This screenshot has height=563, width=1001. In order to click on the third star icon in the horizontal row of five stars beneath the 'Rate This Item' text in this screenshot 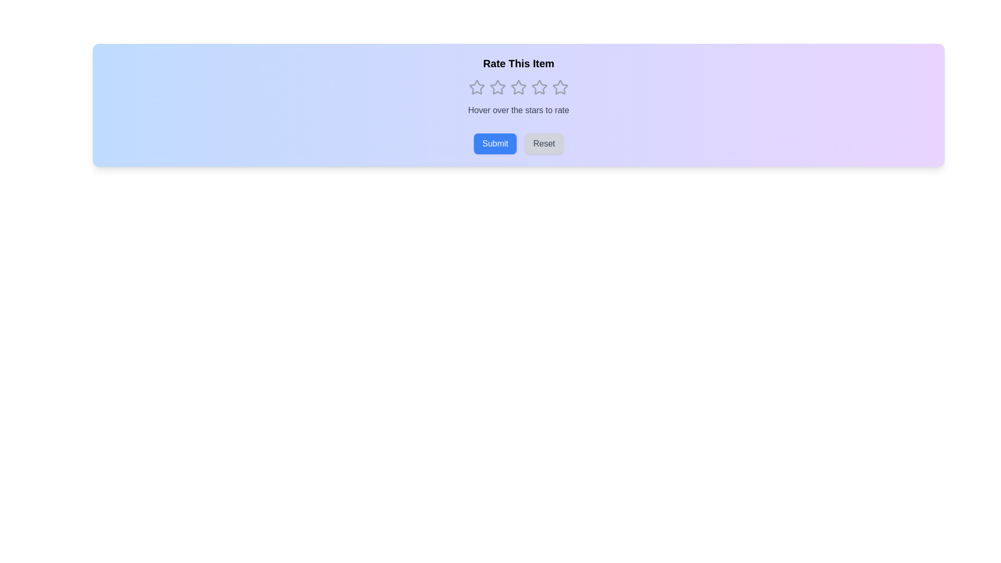, I will do `click(497, 87)`.